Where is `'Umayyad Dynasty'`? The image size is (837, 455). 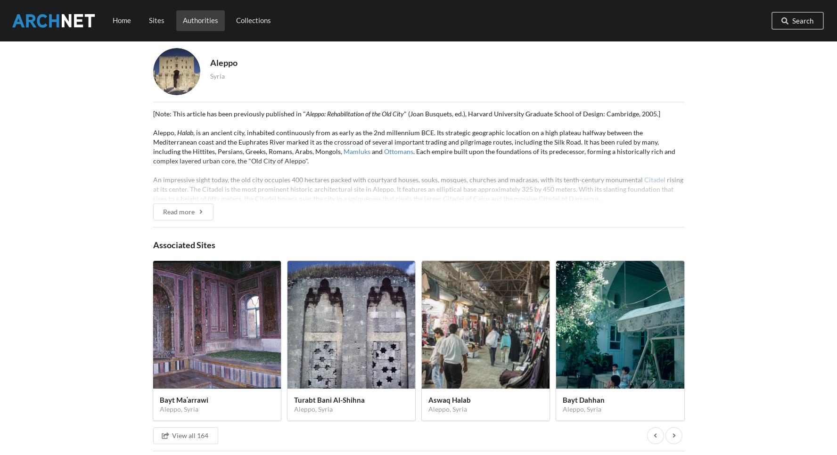 'Umayyad Dynasty' is located at coordinates (563, 311).